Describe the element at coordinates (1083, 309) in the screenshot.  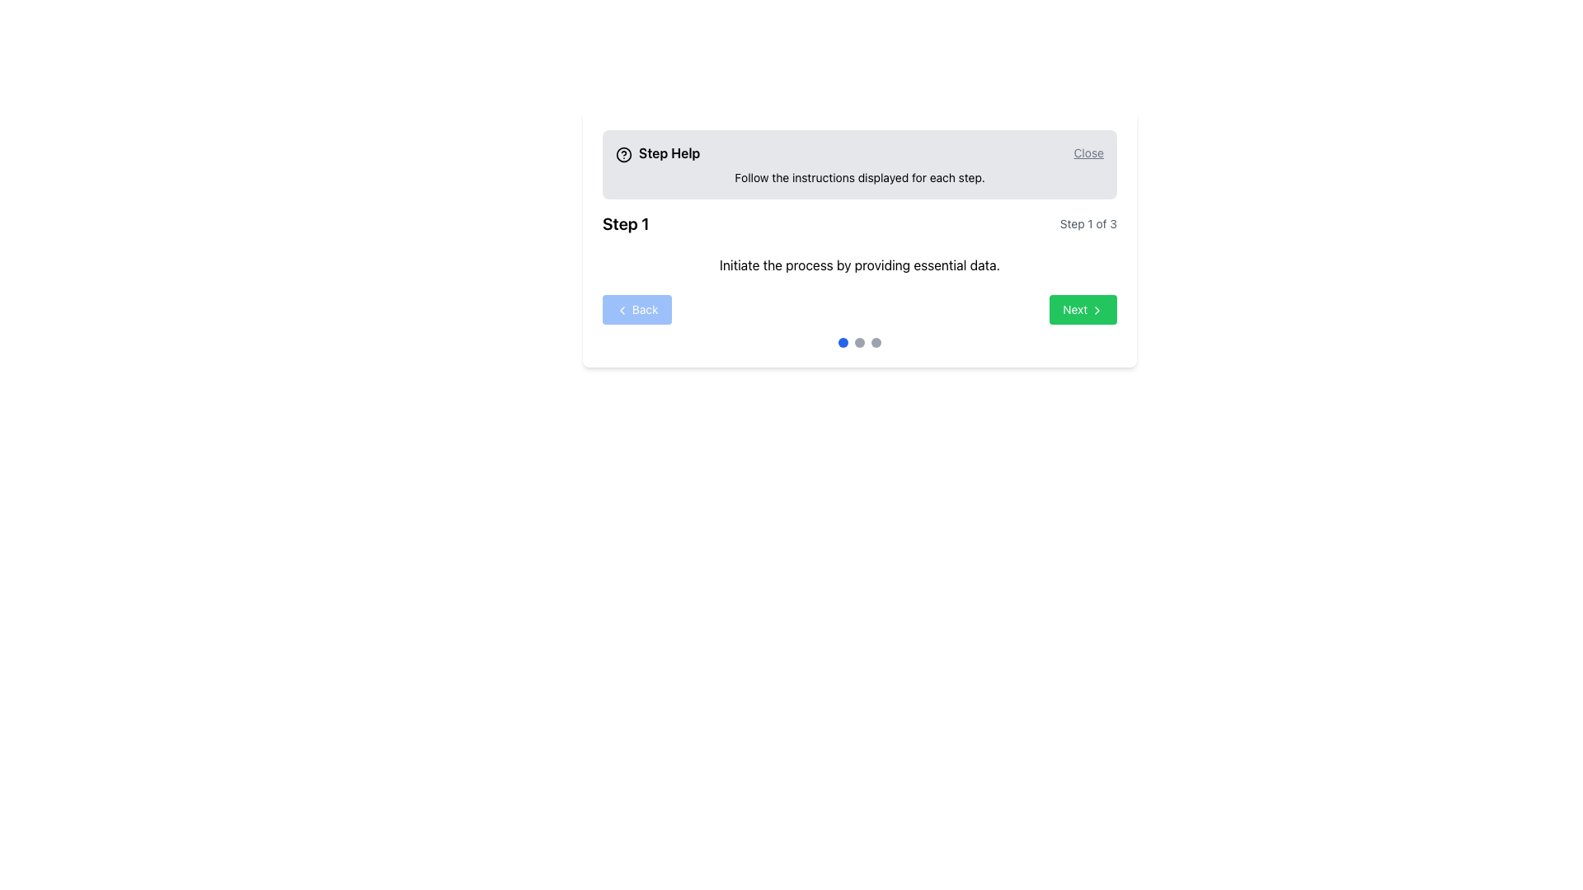
I see `the navigation button located on the far-right side of the horizontal layout, adjacent to the 'Back' button` at that location.